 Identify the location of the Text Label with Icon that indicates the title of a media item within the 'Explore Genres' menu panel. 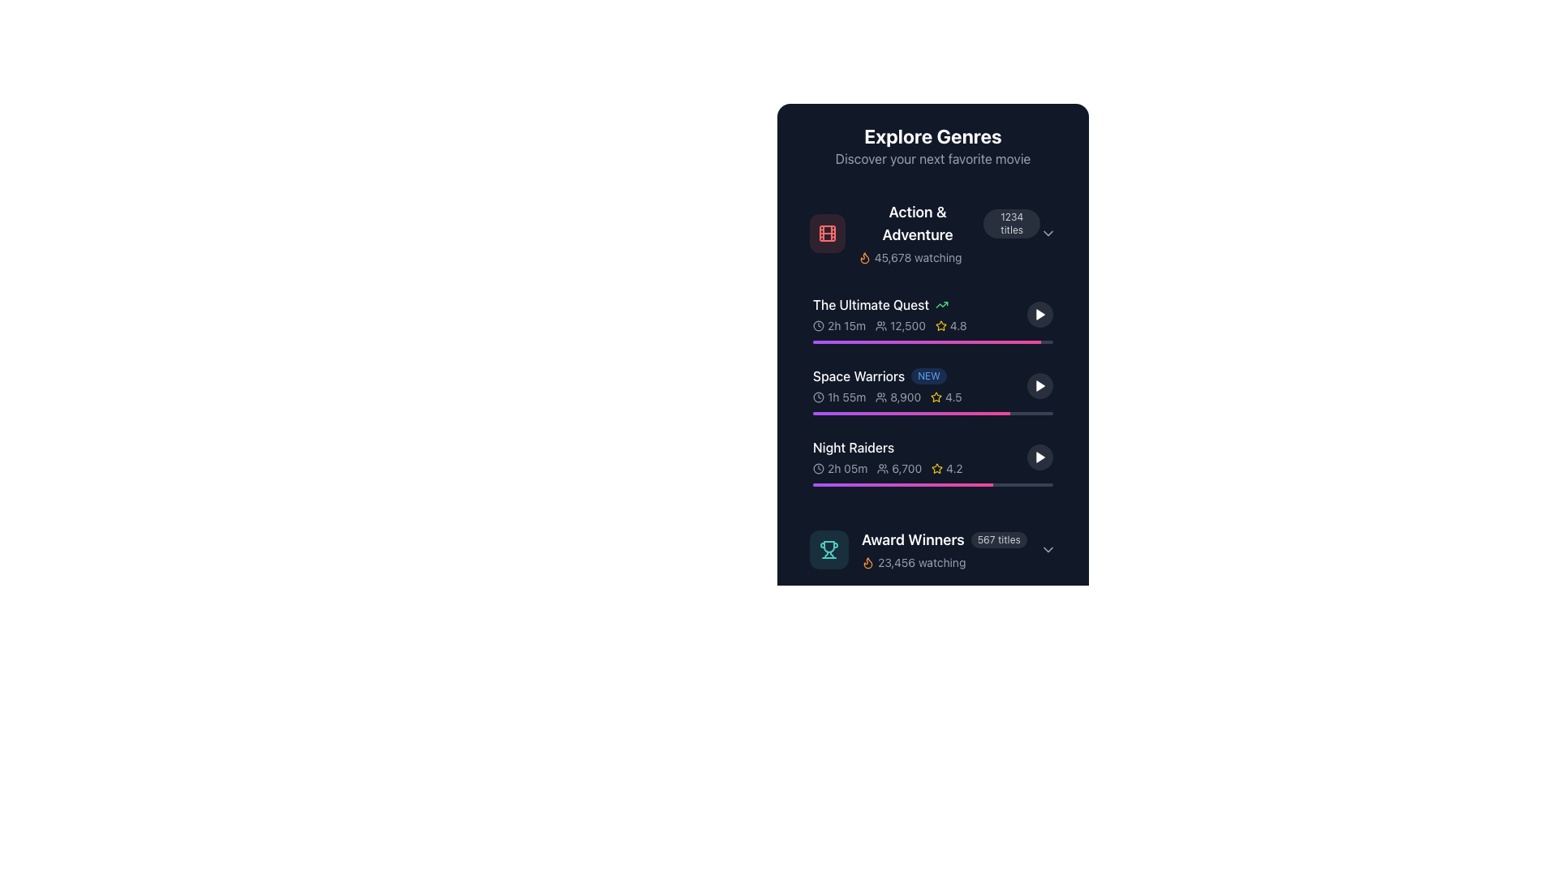
(919, 304).